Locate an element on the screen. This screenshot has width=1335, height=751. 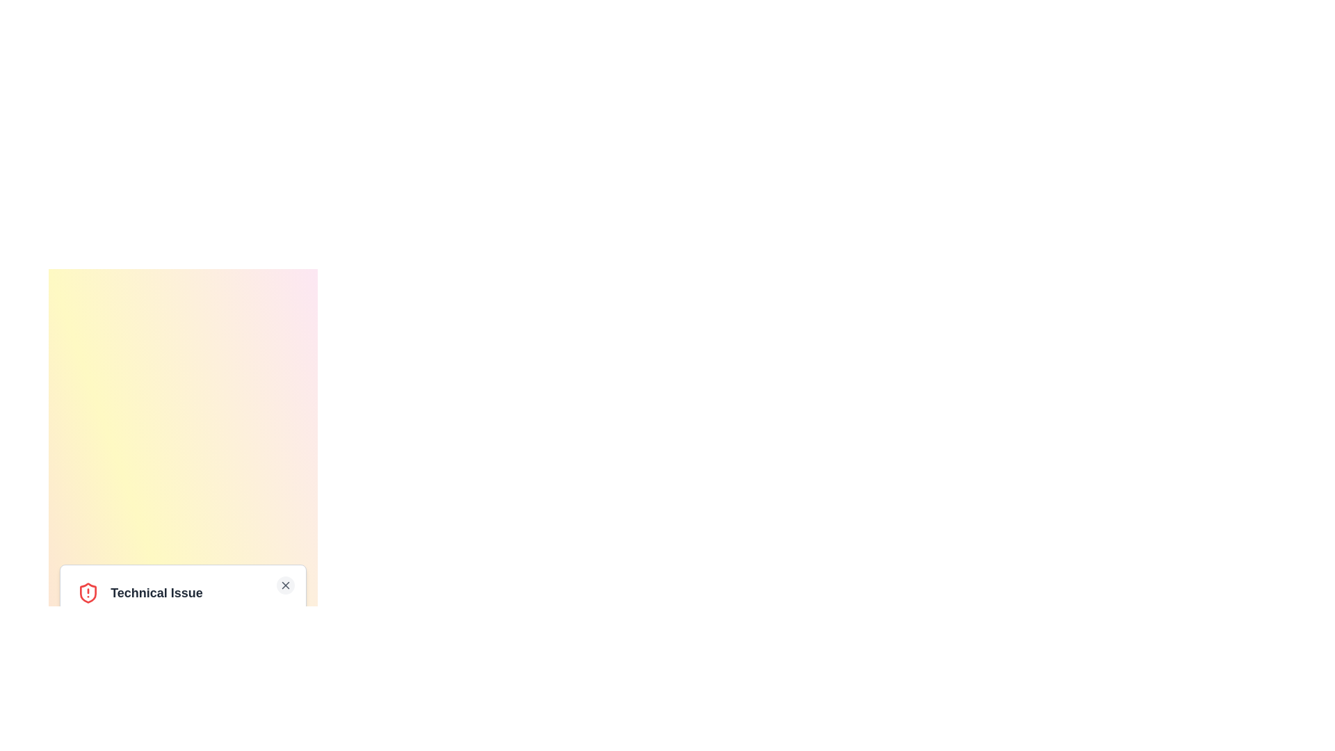
the alert's icon to focus on it is located at coordinates (87, 592).